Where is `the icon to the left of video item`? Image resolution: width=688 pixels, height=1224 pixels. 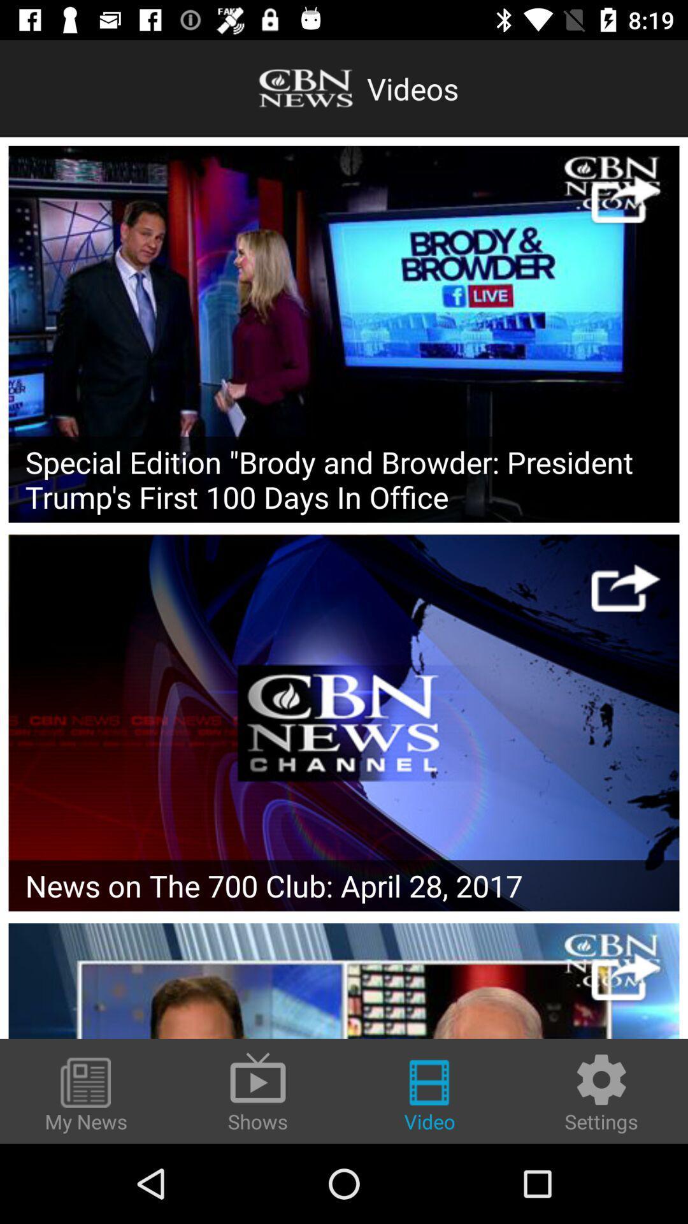 the icon to the left of video item is located at coordinates (258, 1090).